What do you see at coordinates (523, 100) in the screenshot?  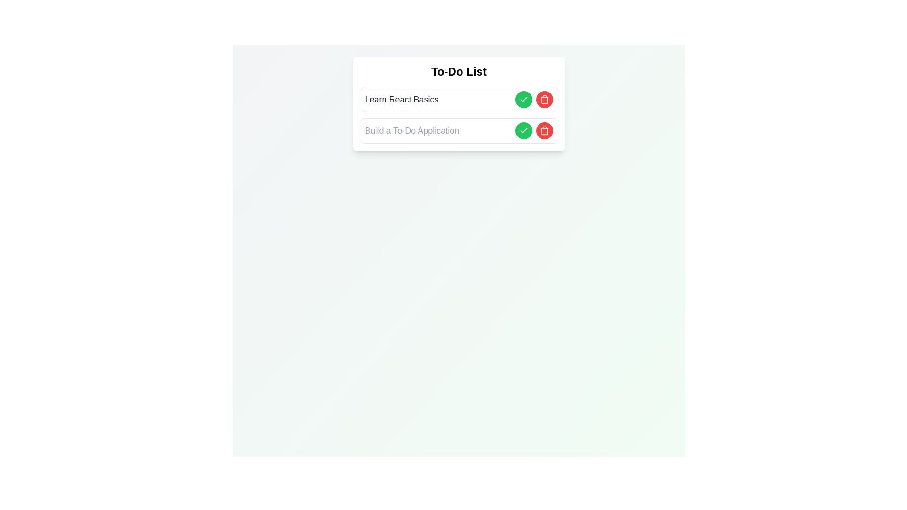 I see `the green circular icon with a white checkmark symbol located to the left of the text 'Build a To-Do Application' to mark the task as completed` at bounding box center [523, 100].